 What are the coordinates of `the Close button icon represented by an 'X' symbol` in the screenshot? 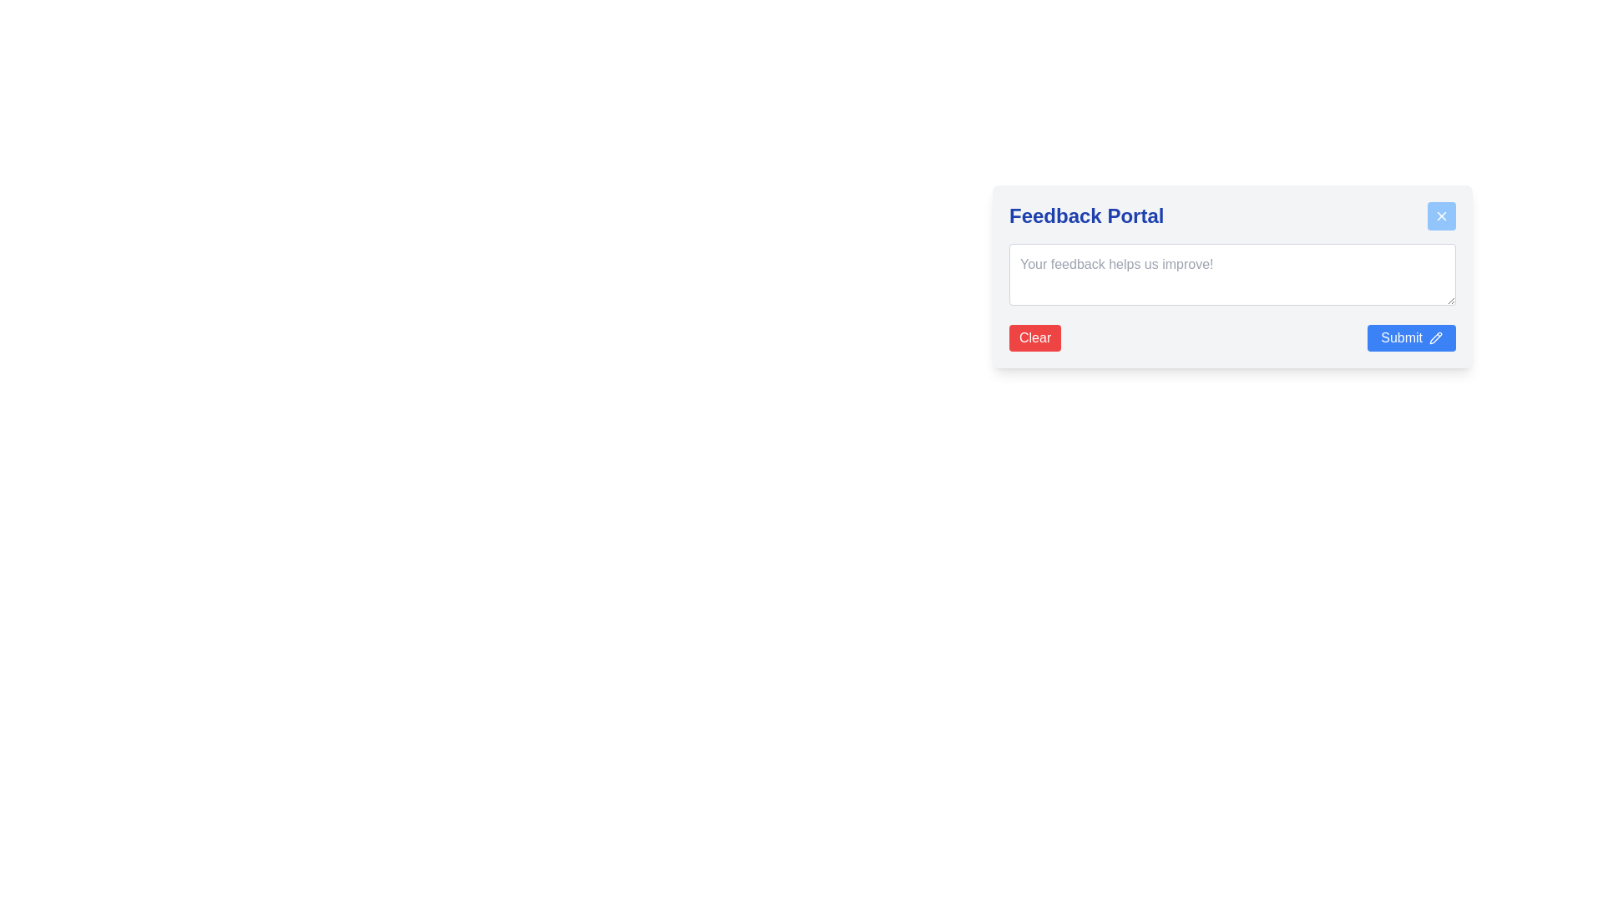 It's located at (1441, 215).